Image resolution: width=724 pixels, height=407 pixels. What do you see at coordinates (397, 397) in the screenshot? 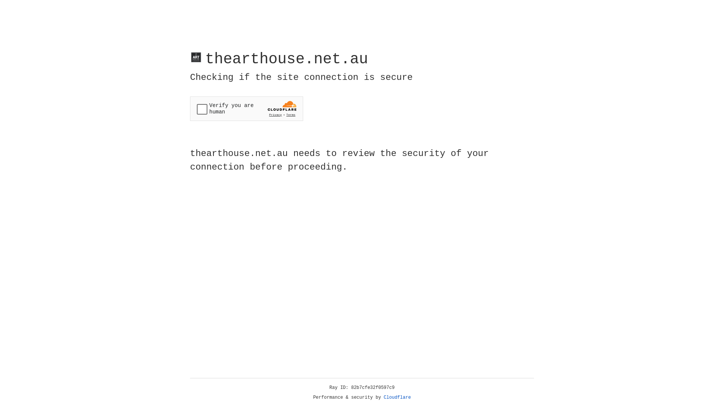
I see `'Cloudflare'` at bounding box center [397, 397].